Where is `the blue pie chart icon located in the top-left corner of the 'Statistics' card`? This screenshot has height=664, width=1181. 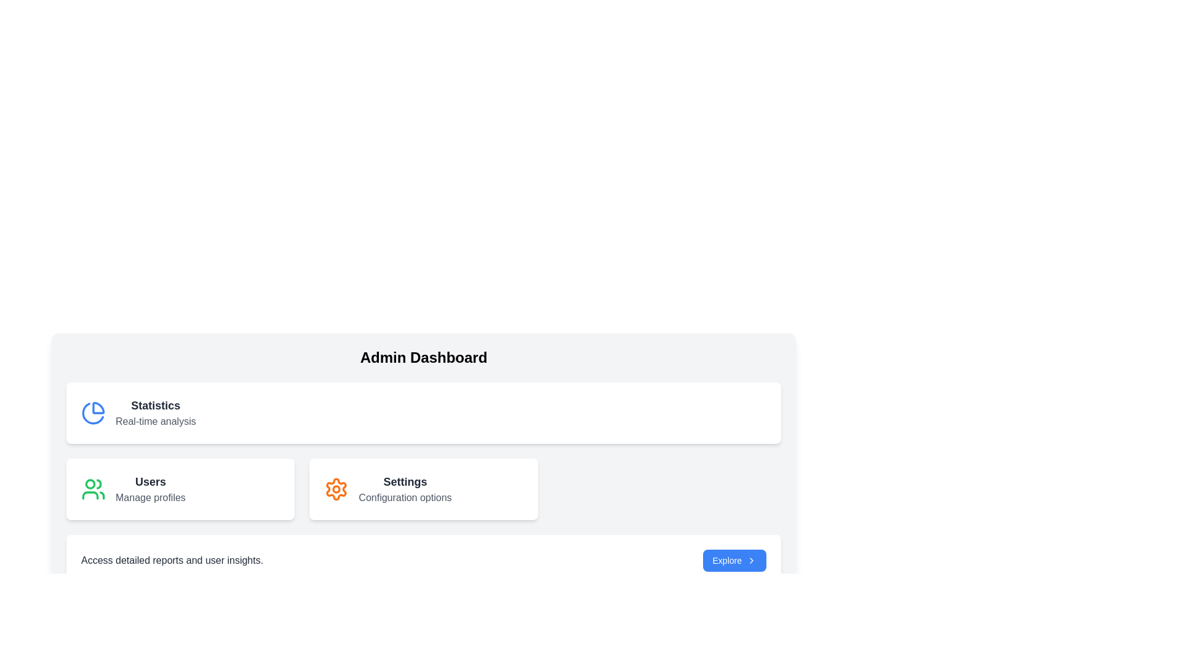 the blue pie chart icon located in the top-left corner of the 'Statistics' card is located at coordinates (93, 413).